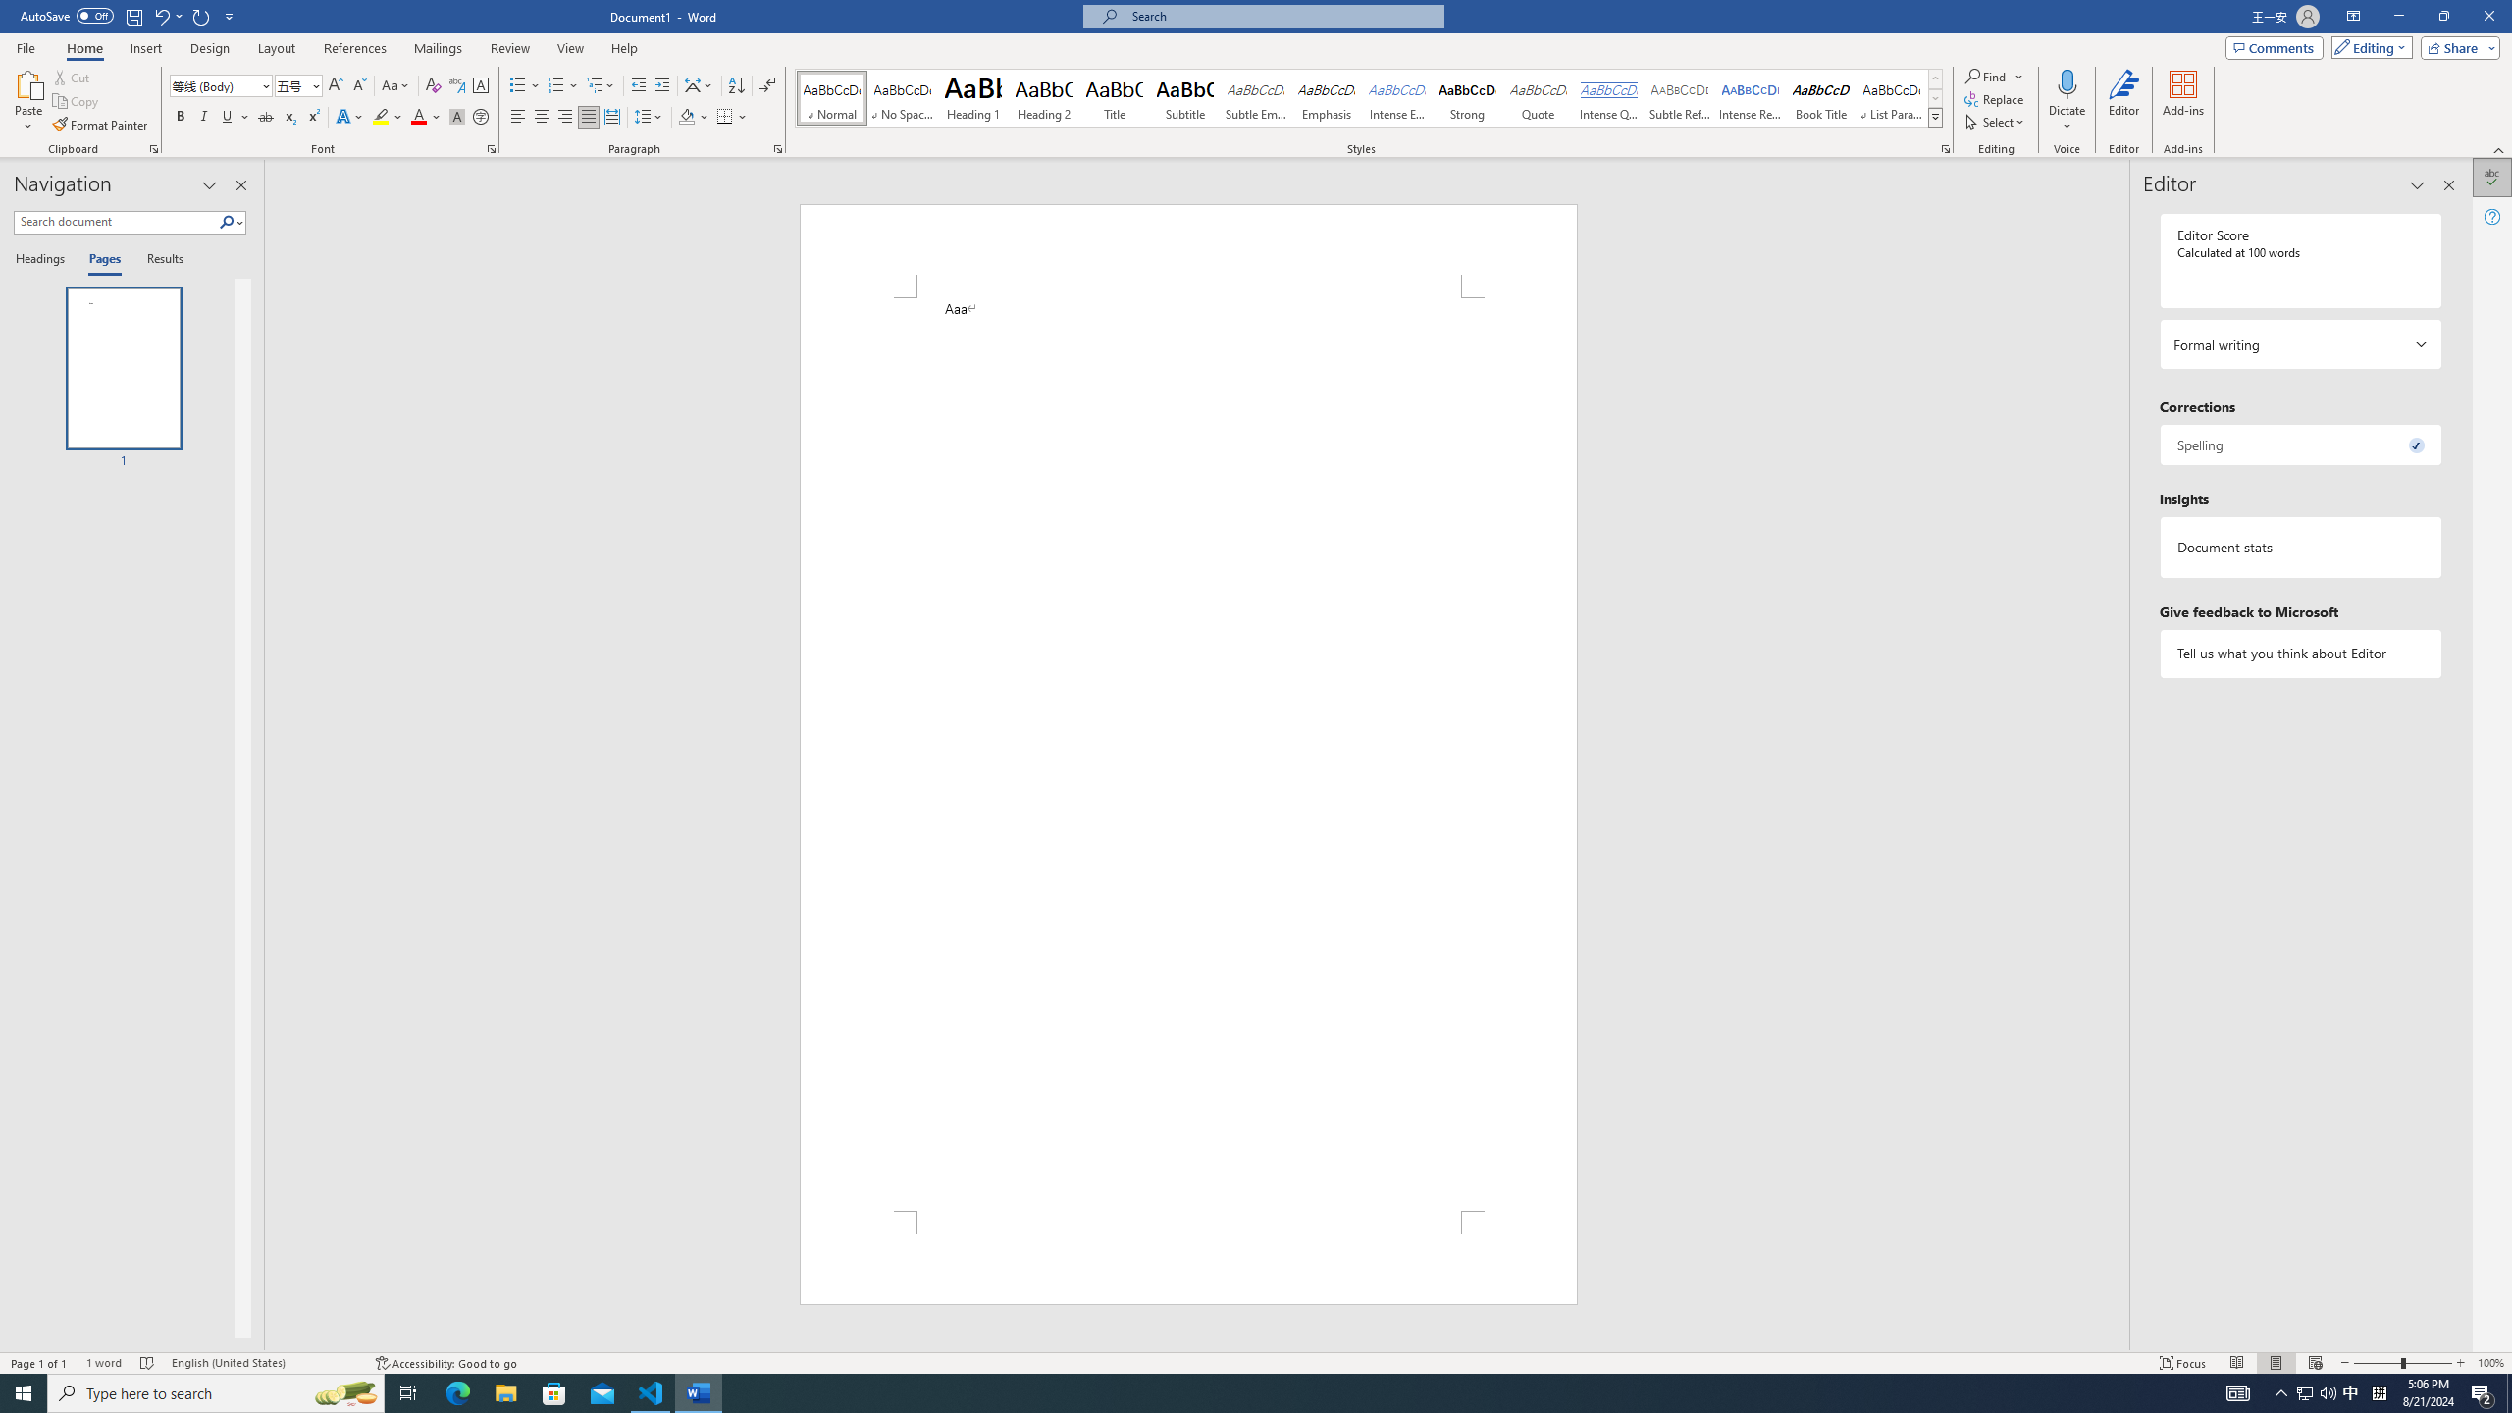 The image size is (2512, 1413). Describe the element at coordinates (1680, 97) in the screenshot. I see `'Subtle Reference'` at that location.